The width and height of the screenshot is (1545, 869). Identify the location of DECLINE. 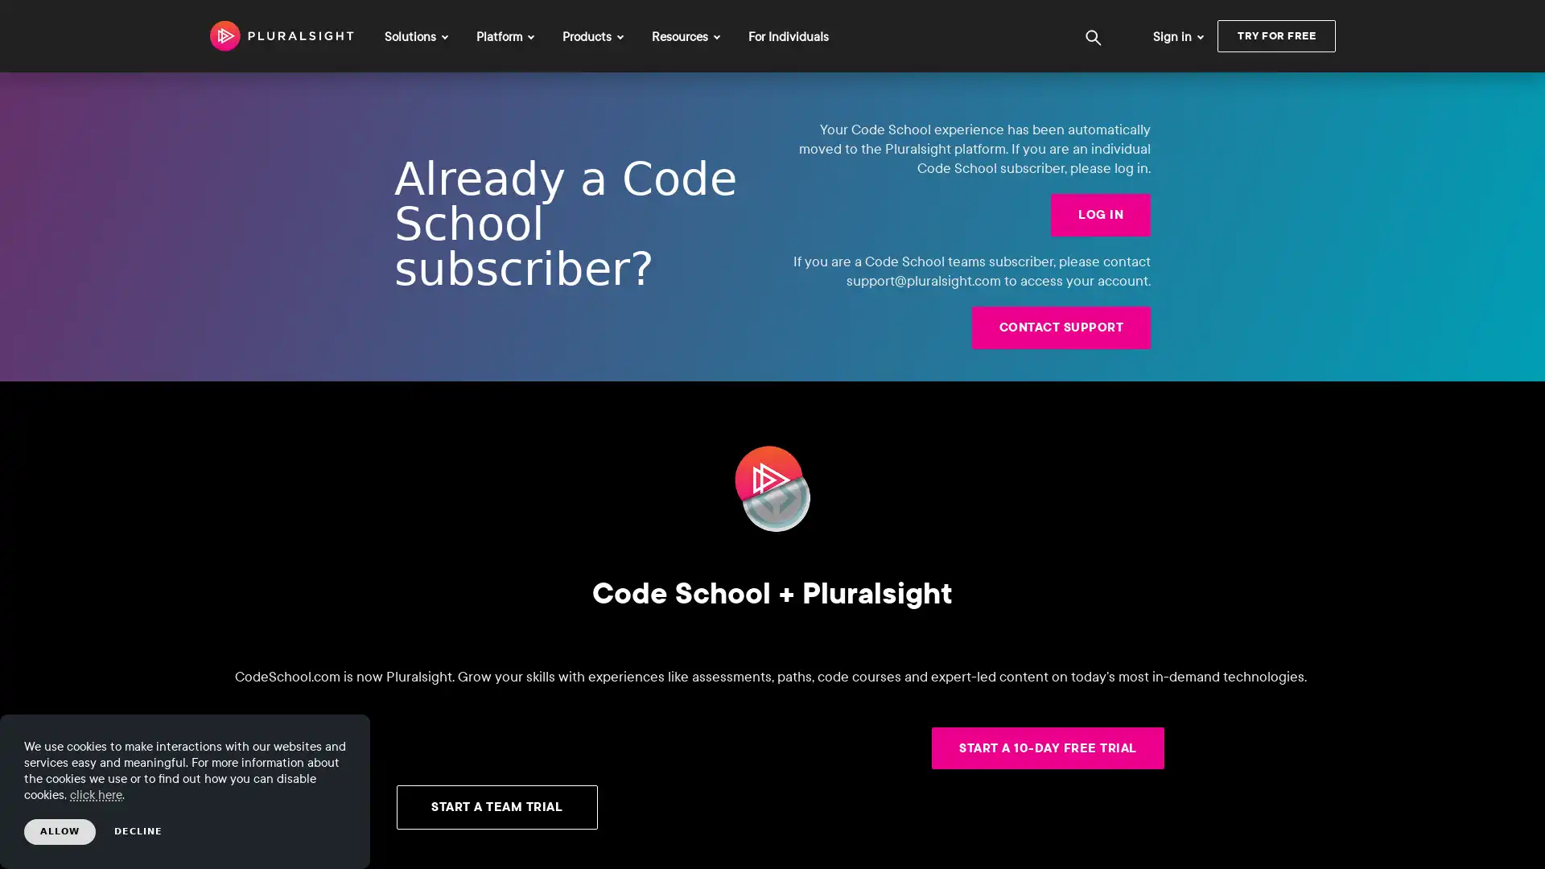
(138, 831).